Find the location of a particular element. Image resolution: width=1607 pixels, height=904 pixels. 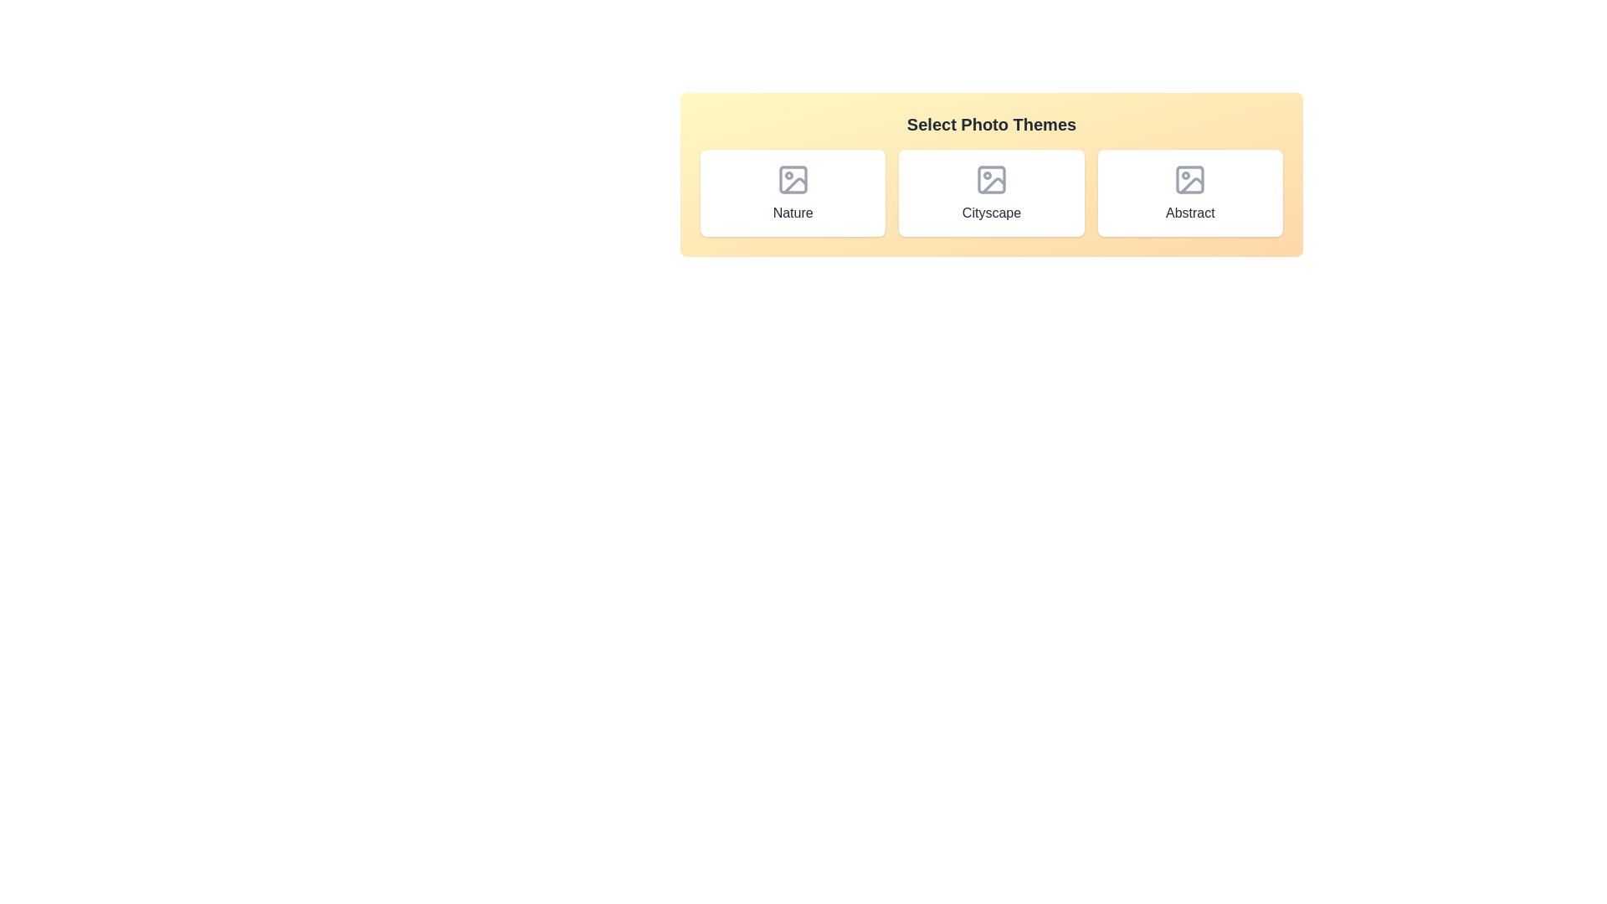

the chip labeled Cityscape is located at coordinates (992, 193).